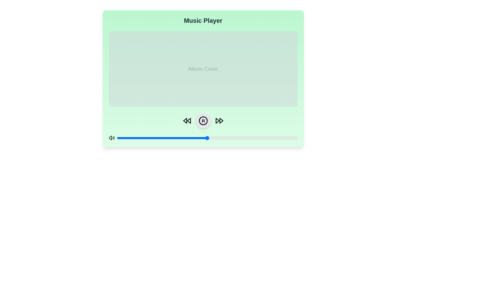 Image resolution: width=503 pixels, height=283 pixels. Describe the element at coordinates (187, 121) in the screenshot. I see `the 'rewind' button in the music player` at that location.